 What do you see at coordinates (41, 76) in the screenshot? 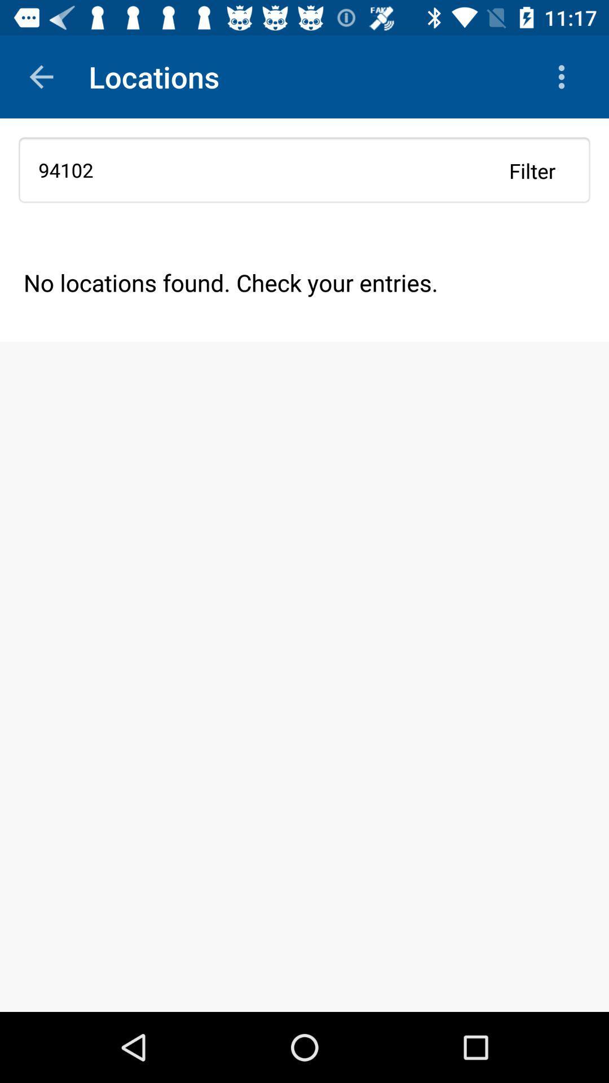
I see `icon to the left of the locations item` at bounding box center [41, 76].